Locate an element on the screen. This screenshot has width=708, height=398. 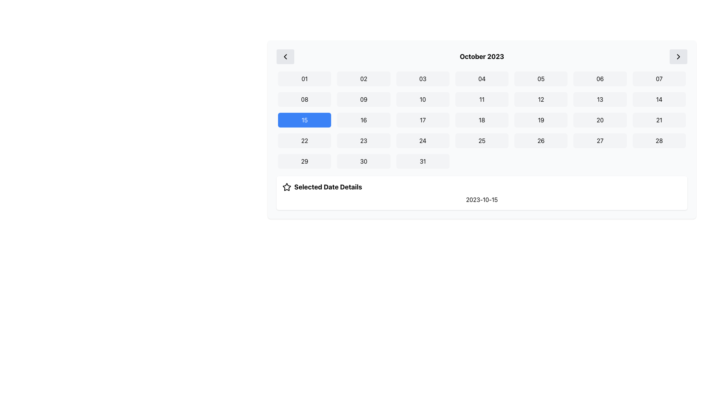
the button representing the second day of October 2023 in the calendar grid layout is located at coordinates (364, 78).